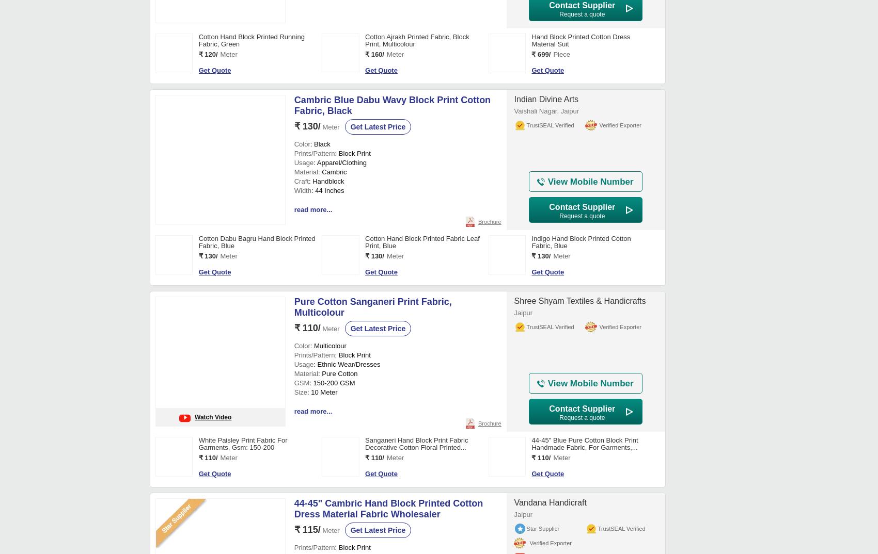  I want to click on ':  150', so click(316, 294).